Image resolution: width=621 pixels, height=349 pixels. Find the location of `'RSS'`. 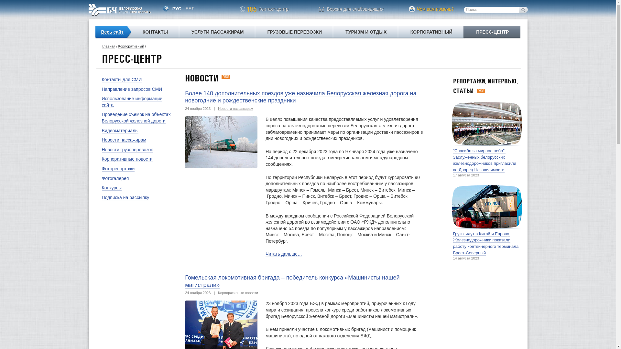

'RSS' is located at coordinates (481, 91).